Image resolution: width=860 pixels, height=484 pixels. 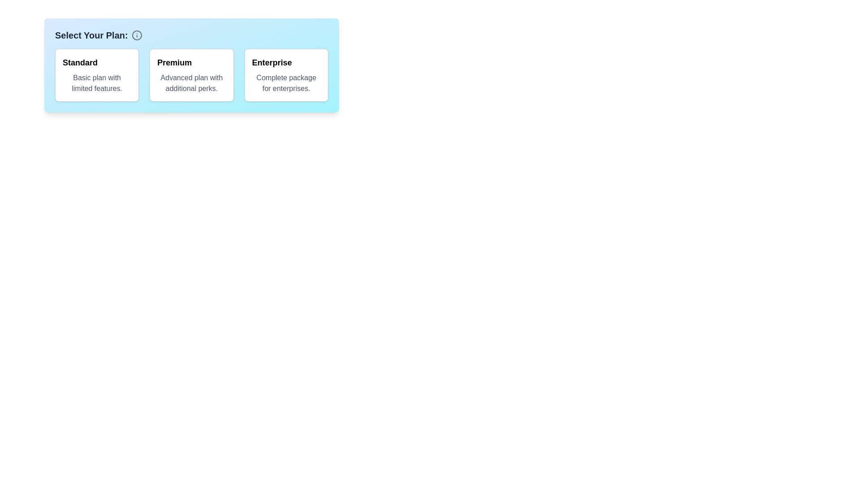 What do you see at coordinates (91, 35) in the screenshot?
I see `the label or text header located at the top-left of the section, which indicates the purpose of the options below it, such as 'Standard', 'Premium', and 'Enterprise'` at bounding box center [91, 35].